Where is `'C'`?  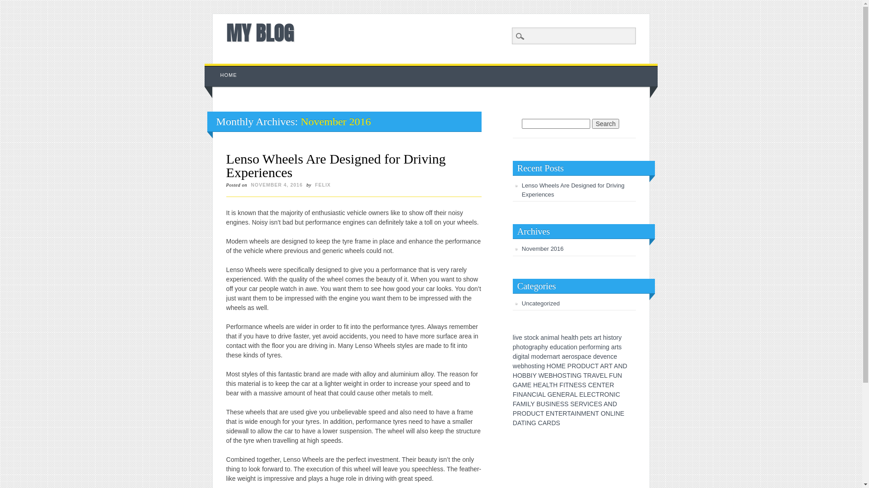
'C' is located at coordinates (537, 413).